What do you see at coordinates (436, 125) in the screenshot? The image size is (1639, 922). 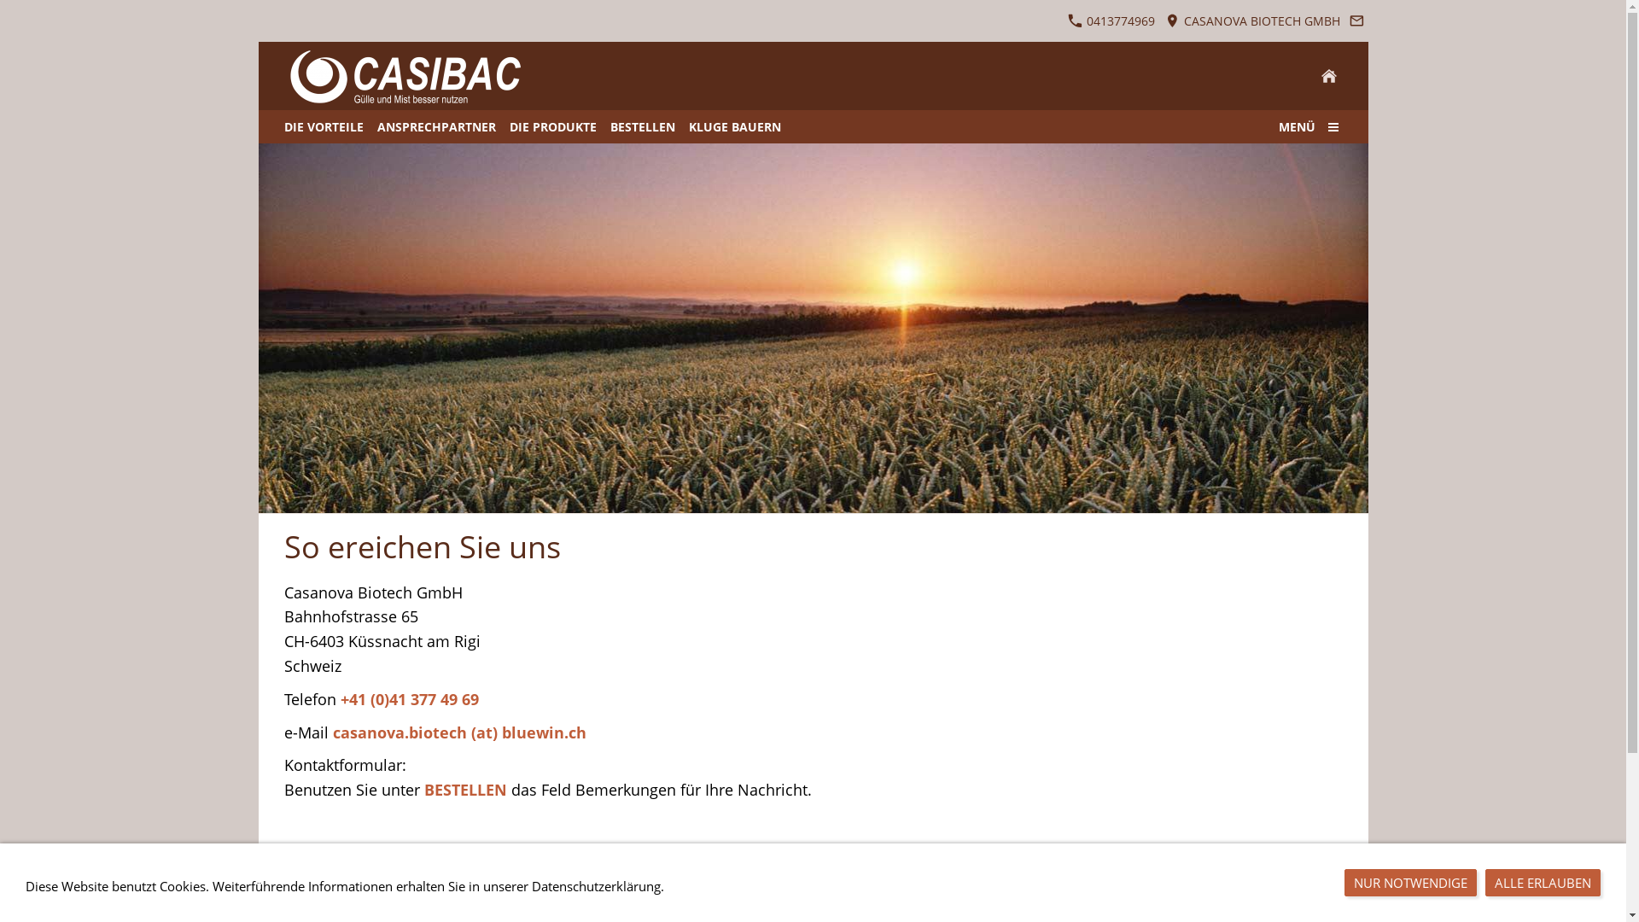 I see `'ANSPRECHPARTNER'` at bounding box center [436, 125].